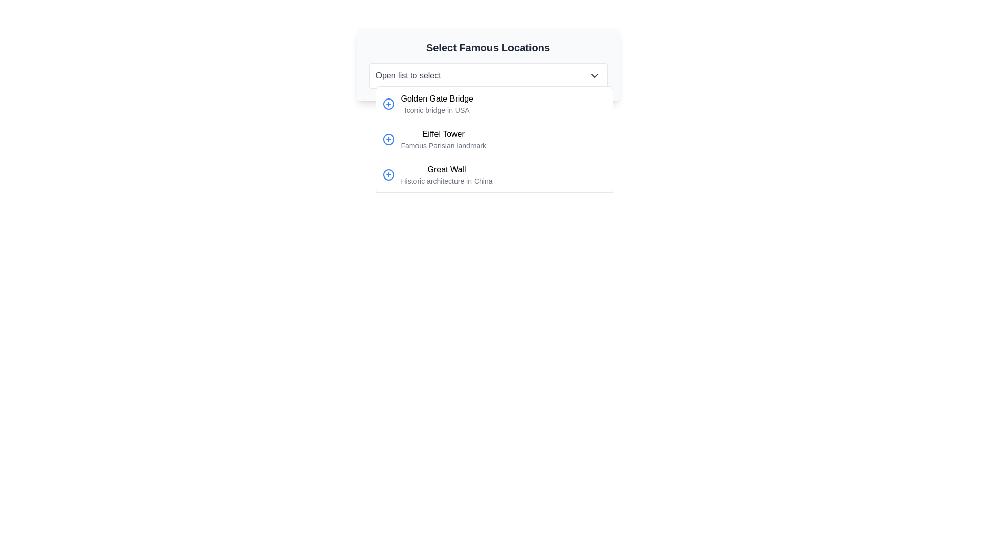  What do you see at coordinates (487, 65) in the screenshot?
I see `the dropdown field labeled 'Open list` at bounding box center [487, 65].